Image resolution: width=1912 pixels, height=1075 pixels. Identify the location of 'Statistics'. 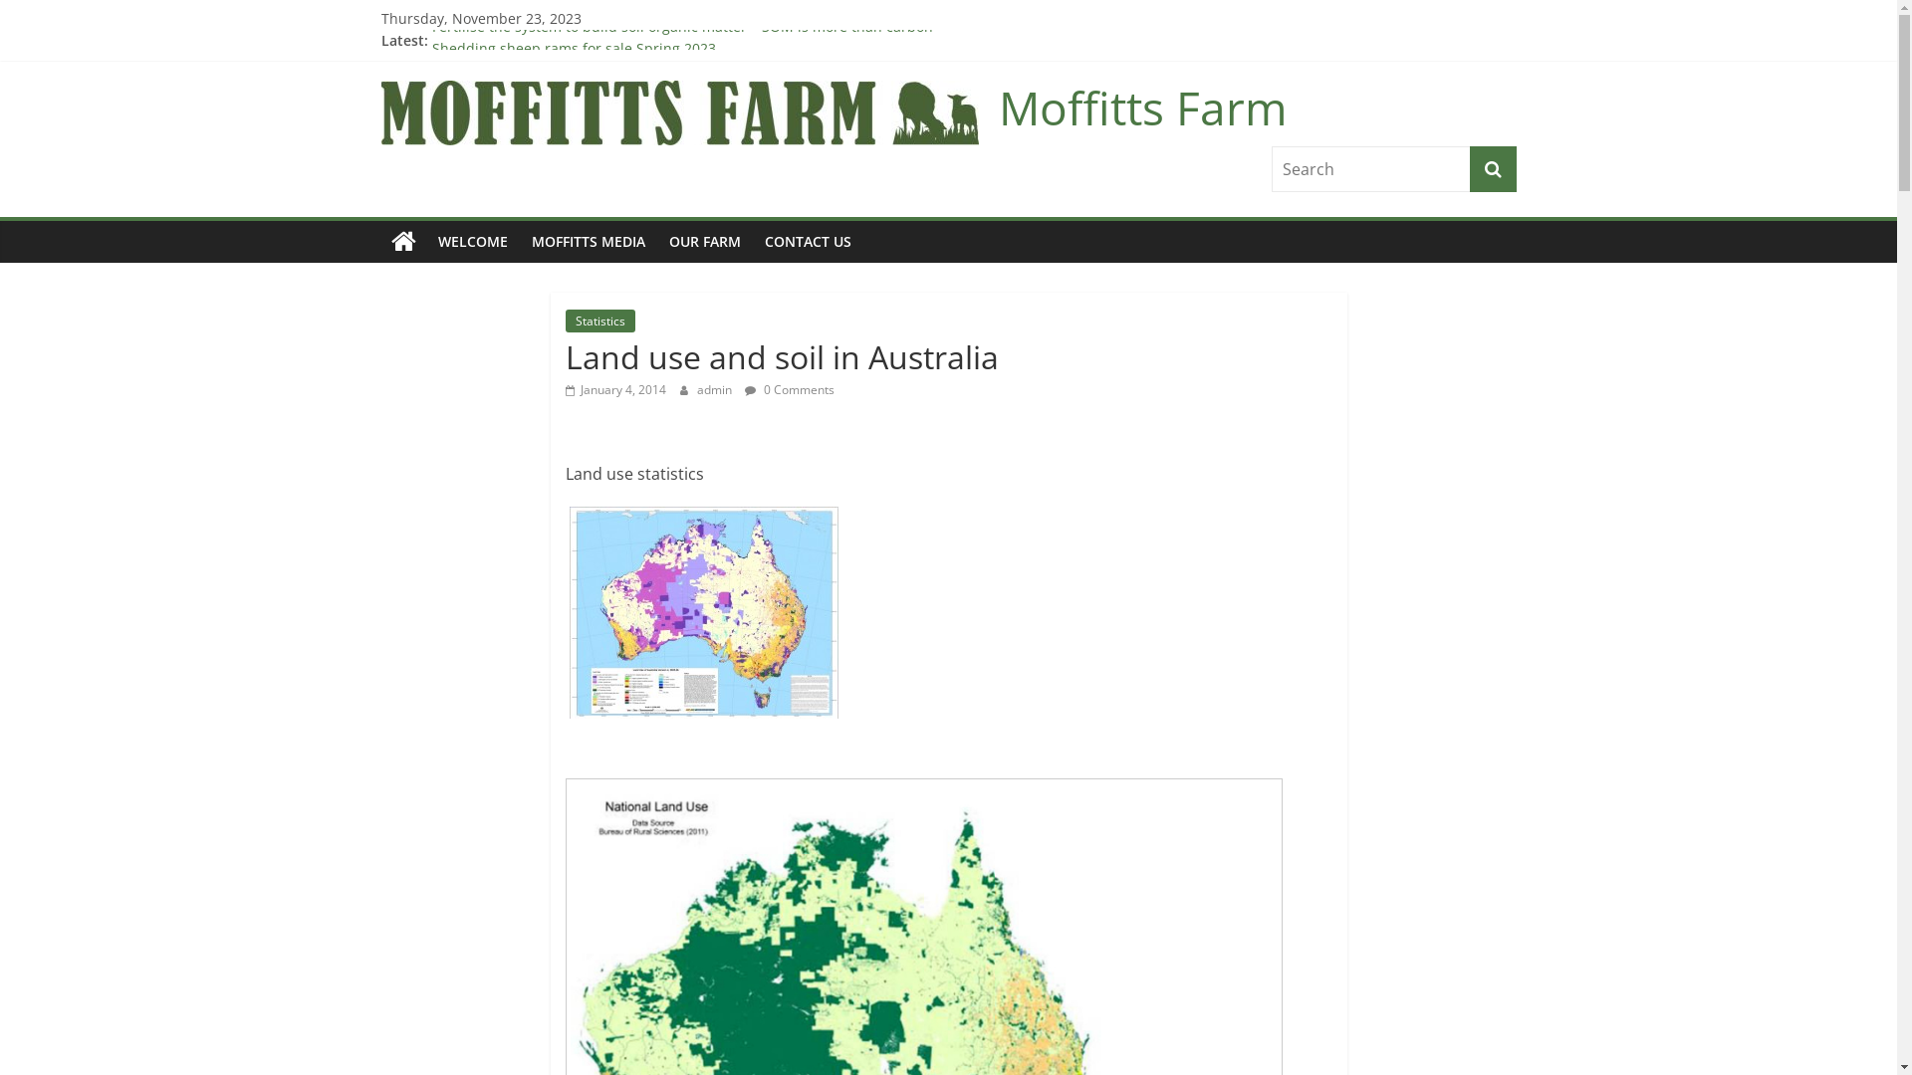
(599, 320).